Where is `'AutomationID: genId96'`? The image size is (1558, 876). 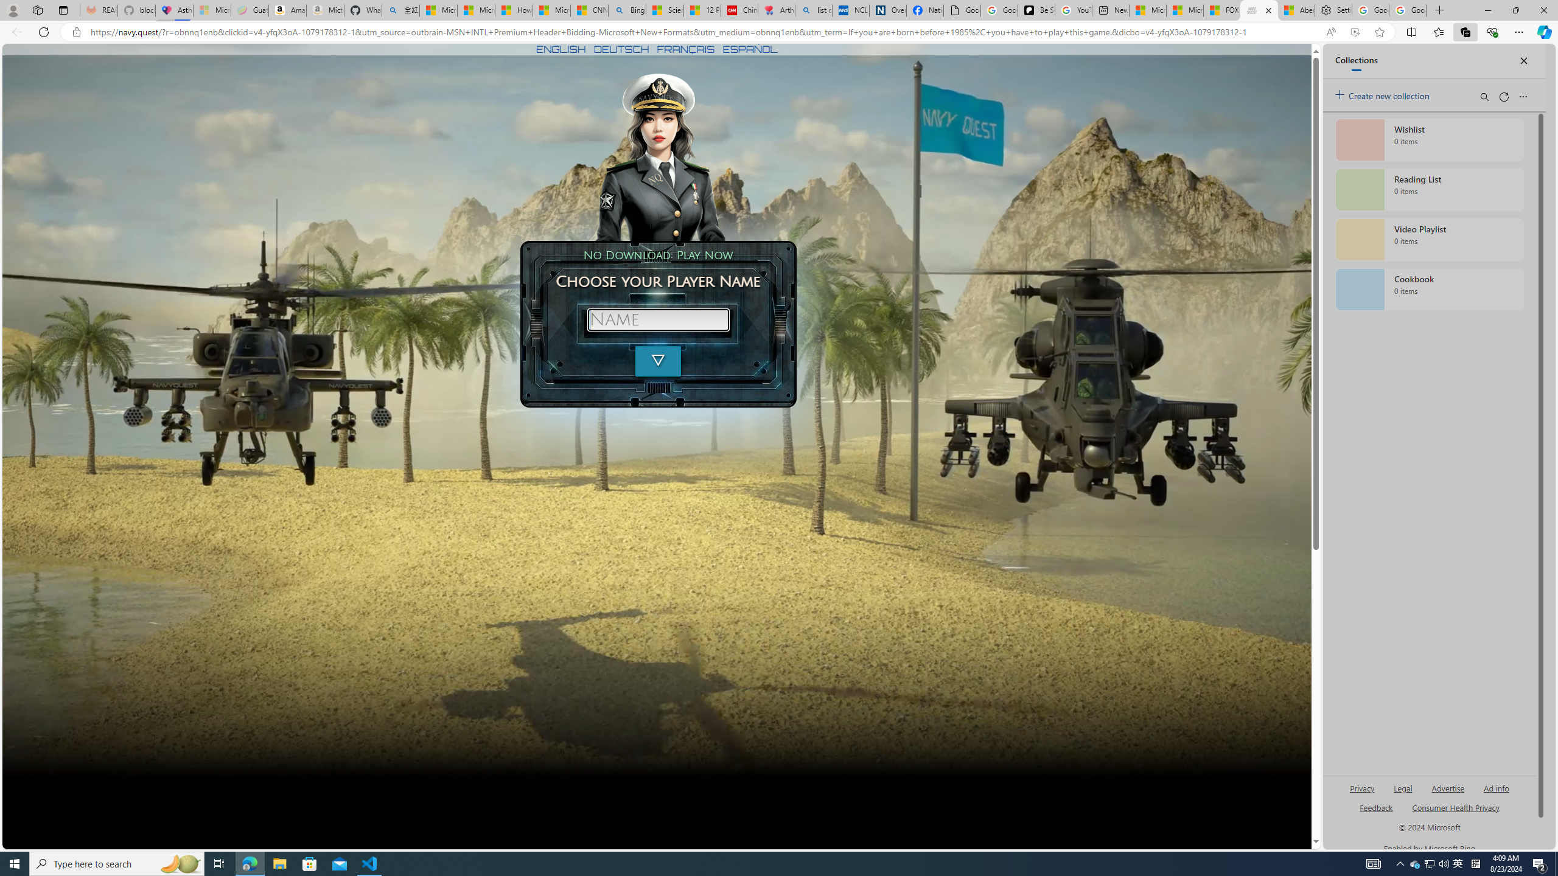 'AutomationID: genId96' is located at coordinates (1375, 812).